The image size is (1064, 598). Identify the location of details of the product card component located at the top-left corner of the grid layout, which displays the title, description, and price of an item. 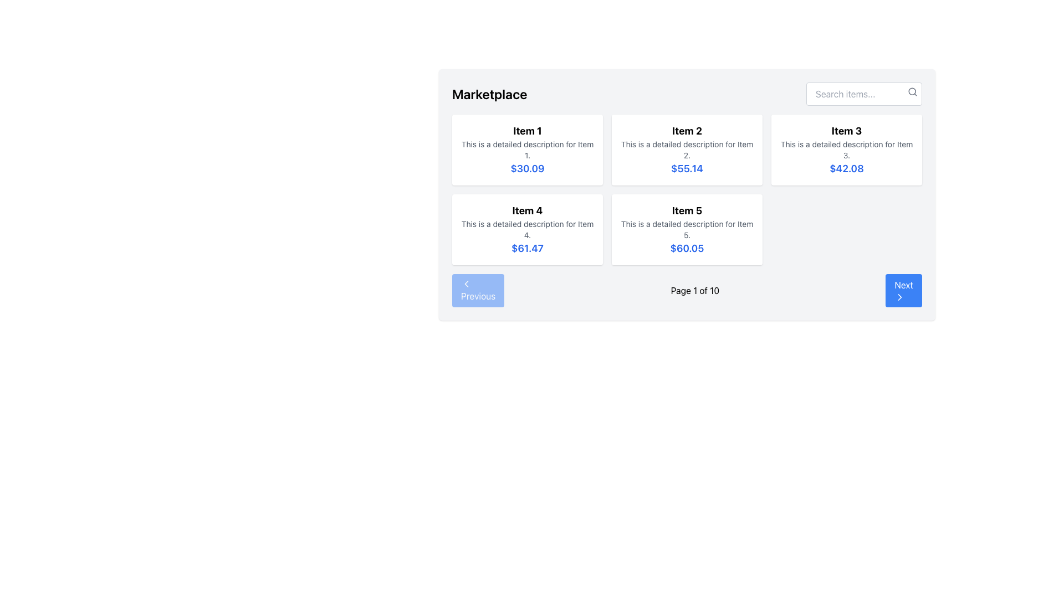
(526, 149).